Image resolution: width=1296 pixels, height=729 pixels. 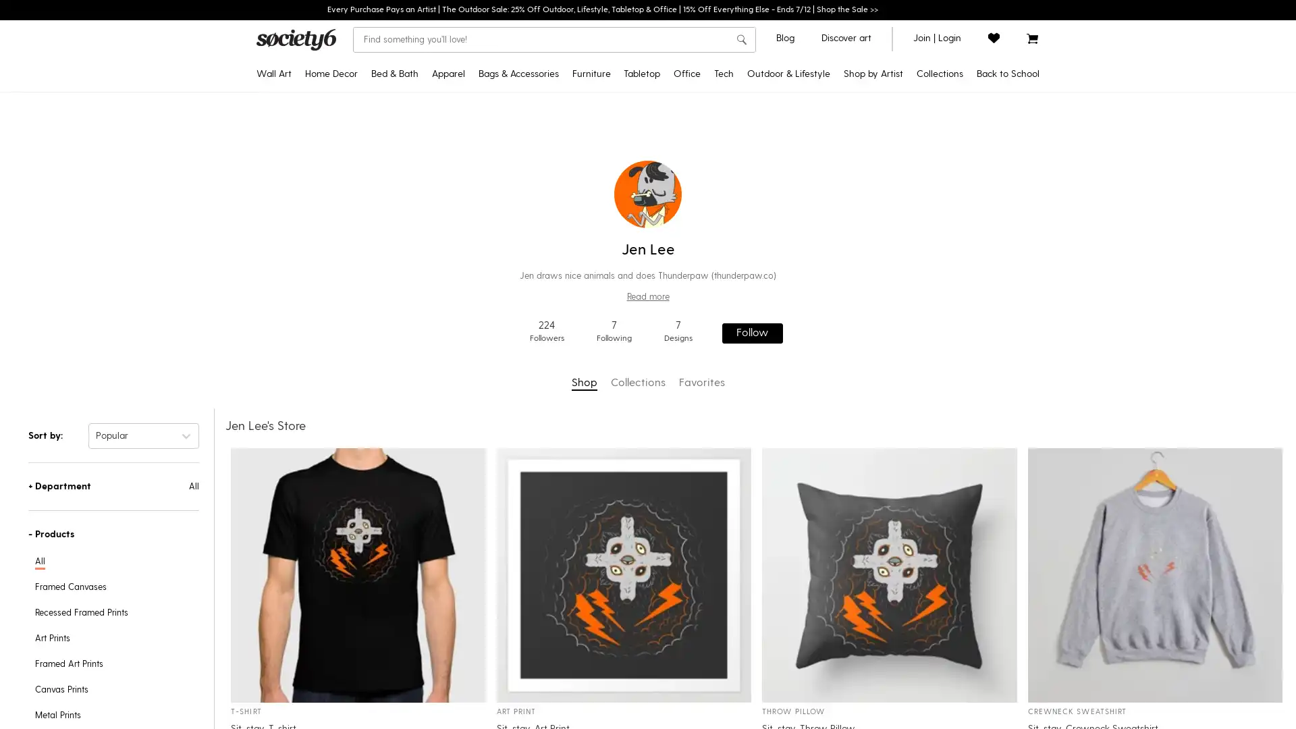 What do you see at coordinates (317, 325) in the screenshot?
I see `Wood Wall Art` at bounding box center [317, 325].